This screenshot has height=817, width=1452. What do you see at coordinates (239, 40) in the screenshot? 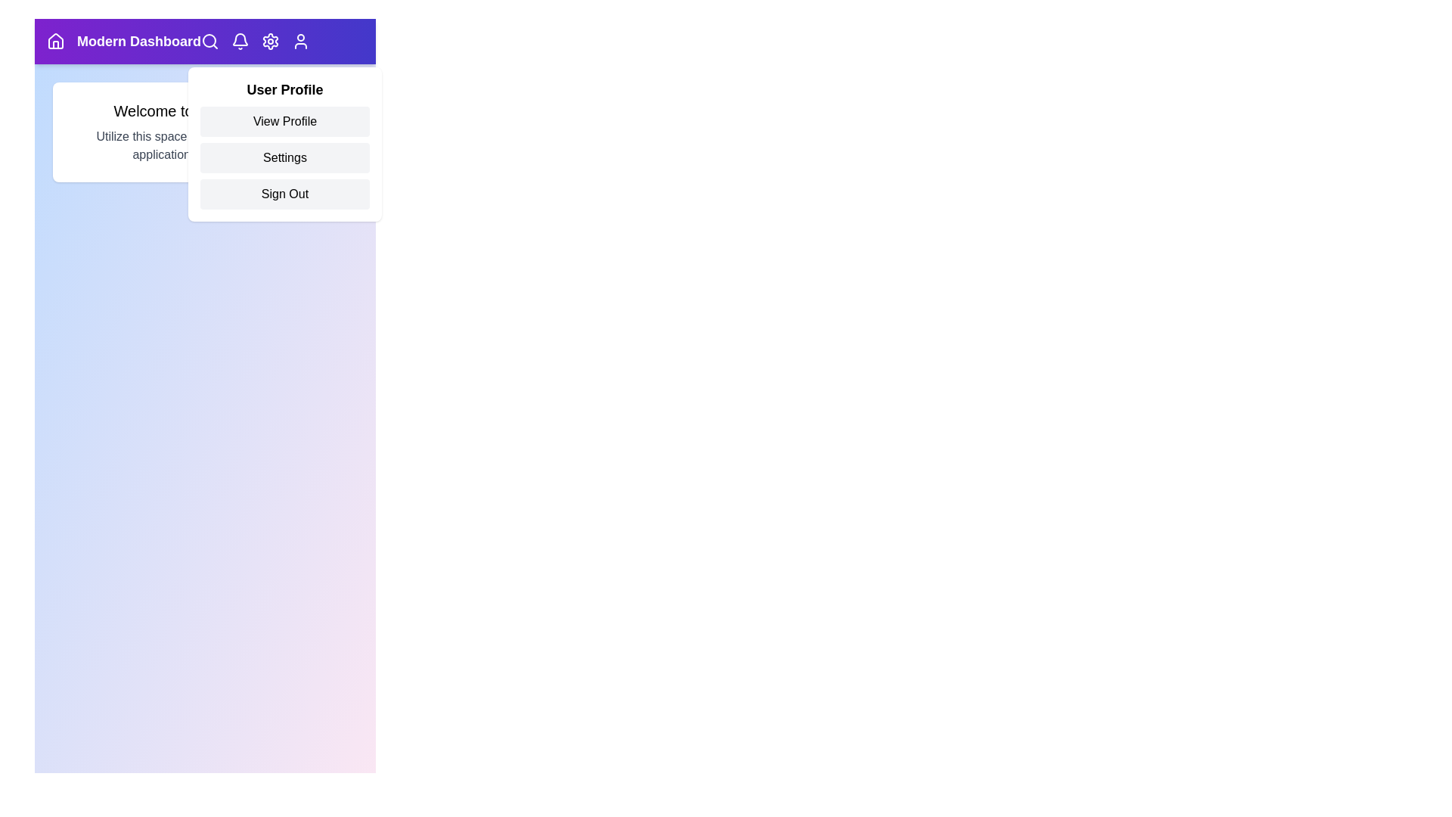
I see `the bell icon to view notifications` at bounding box center [239, 40].